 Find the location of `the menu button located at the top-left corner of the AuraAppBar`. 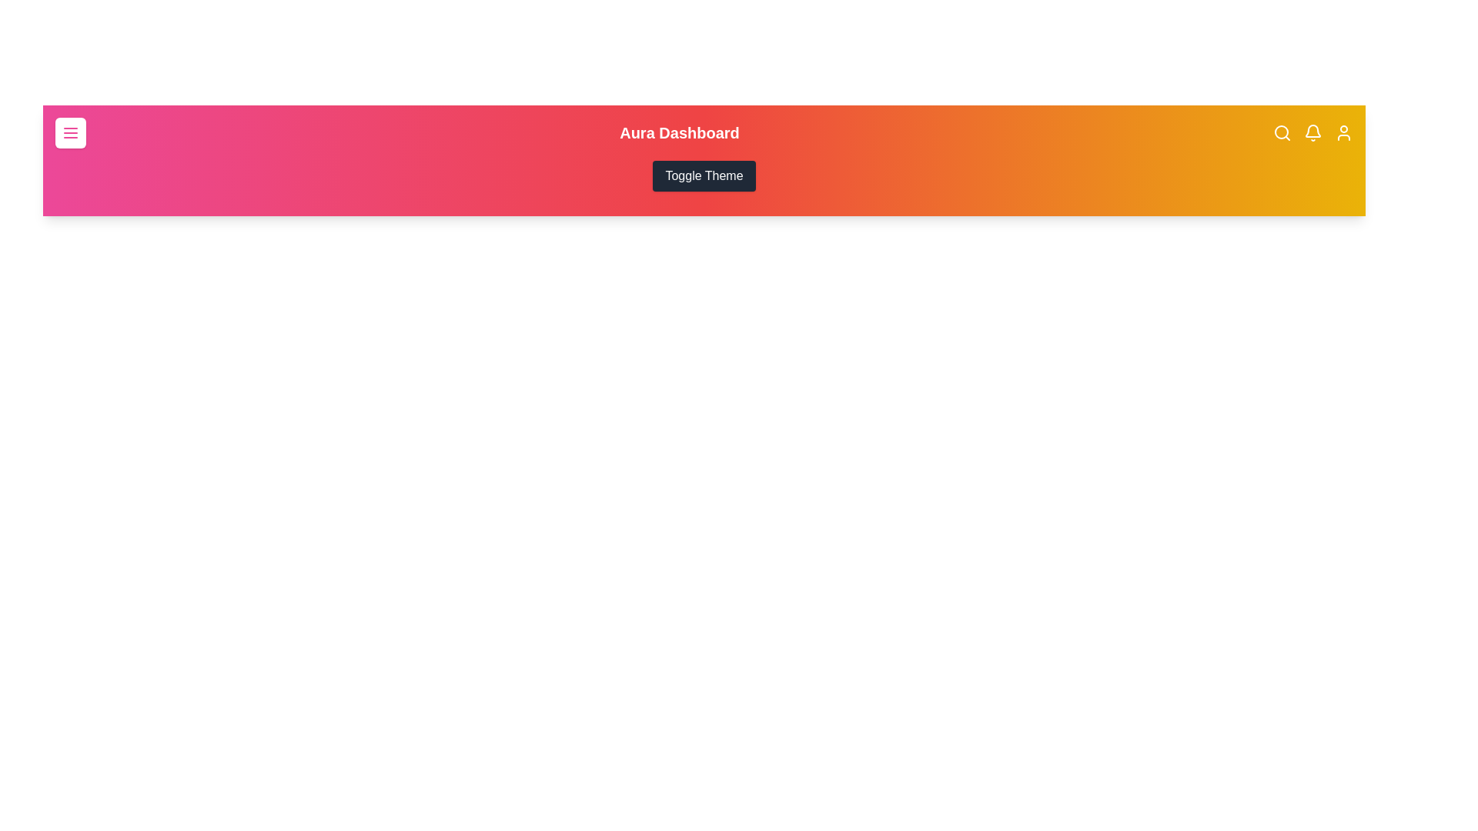

the menu button located at the top-left corner of the AuraAppBar is located at coordinates (69, 132).